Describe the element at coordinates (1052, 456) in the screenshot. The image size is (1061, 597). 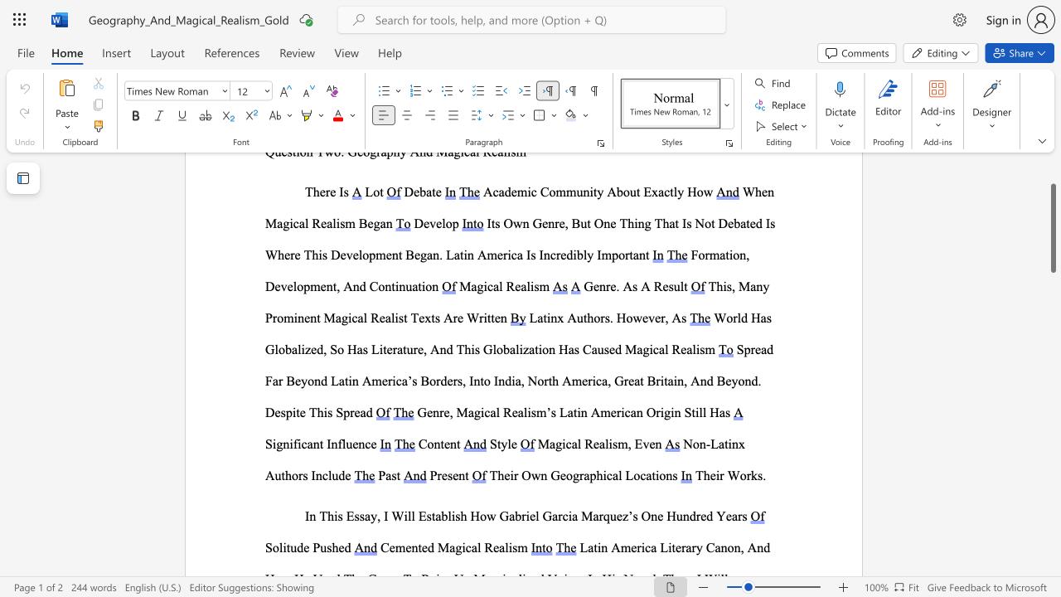
I see `the scrollbar on the side` at that location.